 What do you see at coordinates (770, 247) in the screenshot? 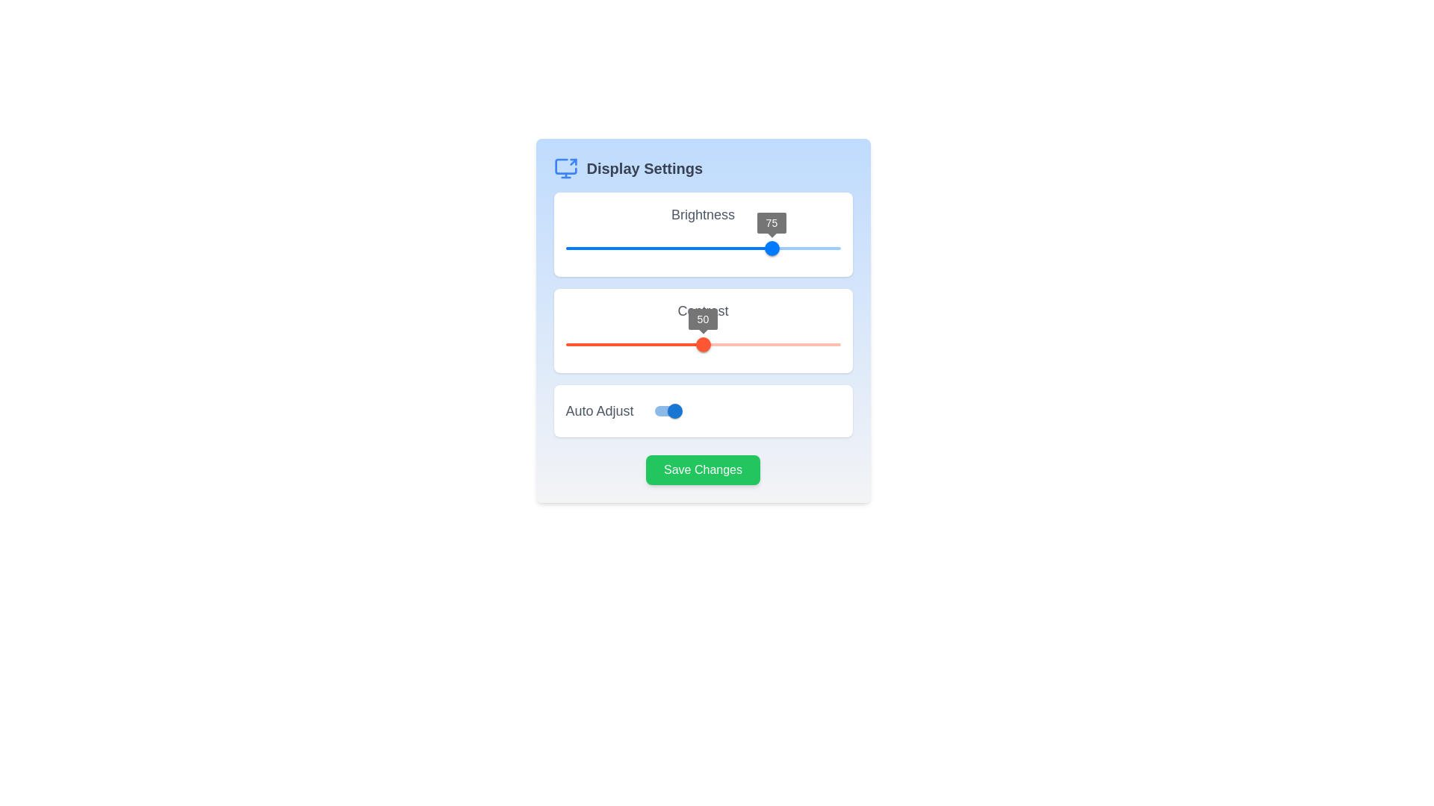
I see `the brightness` at bounding box center [770, 247].